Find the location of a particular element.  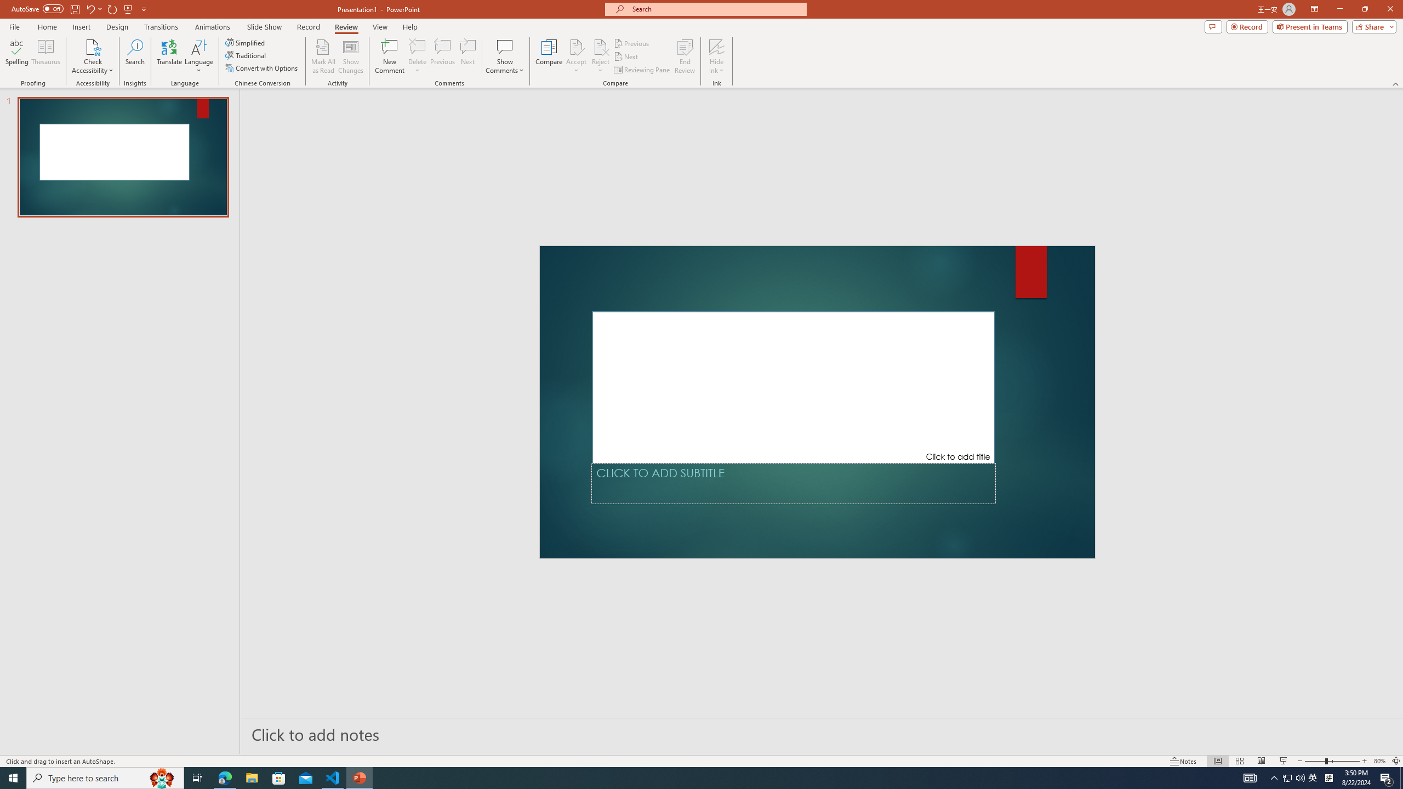

'View' is located at coordinates (380, 27).